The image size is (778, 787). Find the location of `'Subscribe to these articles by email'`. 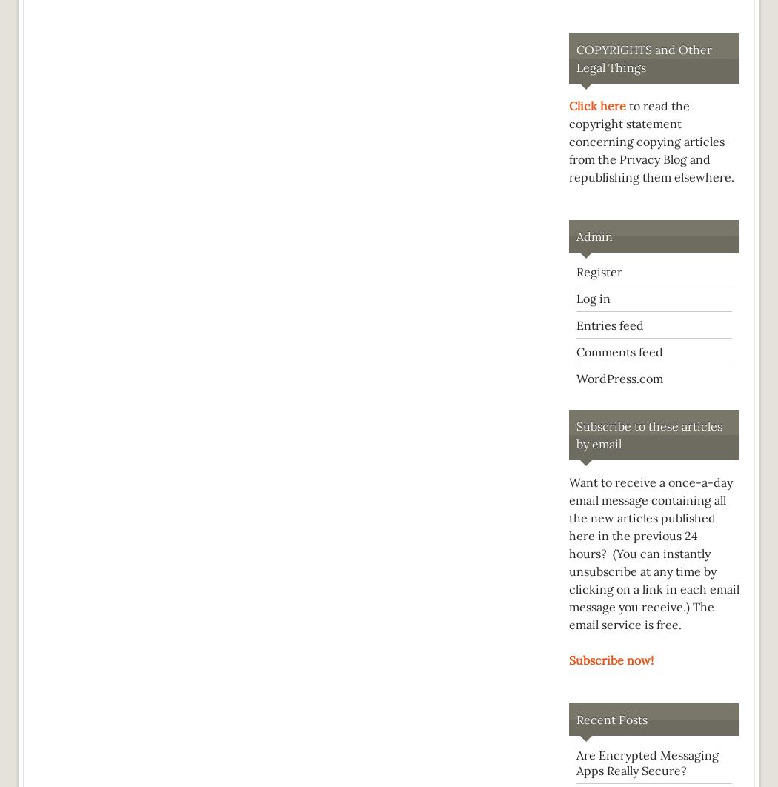

'Subscribe to these articles by email' is located at coordinates (576, 434).